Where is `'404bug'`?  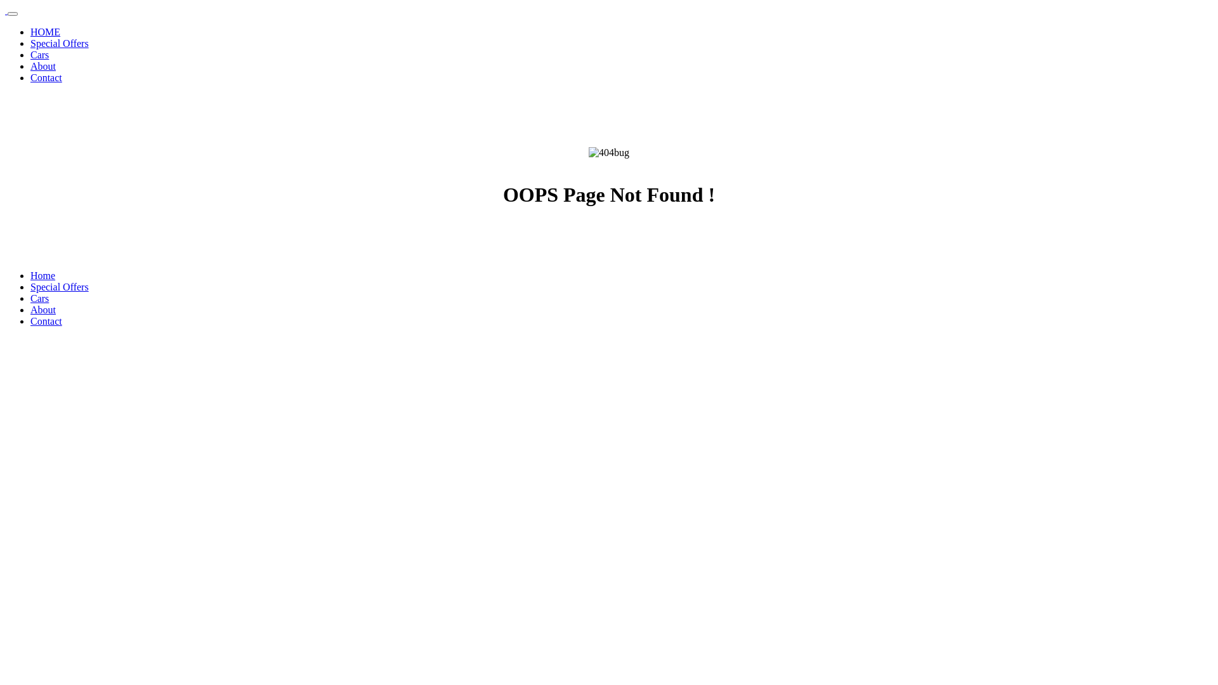
'404bug' is located at coordinates (609, 152).